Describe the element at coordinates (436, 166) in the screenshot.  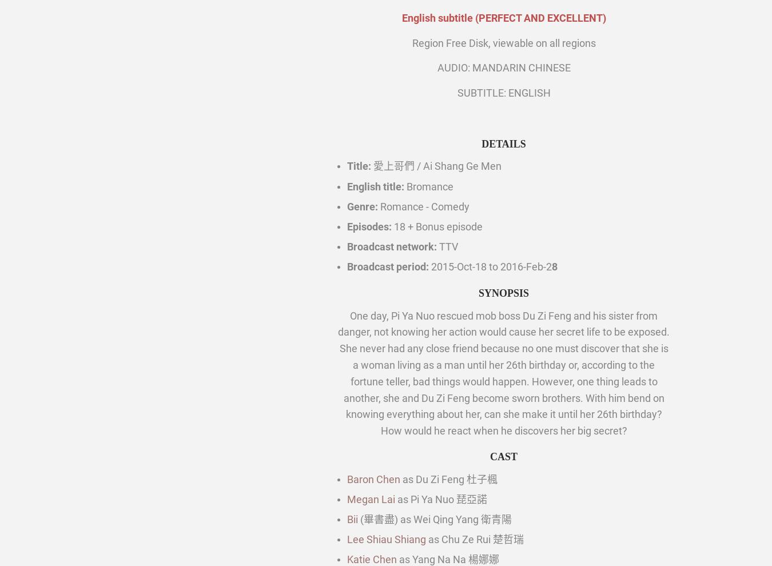
I see `'愛上哥們 / Ai Shang Ge Men'` at that location.